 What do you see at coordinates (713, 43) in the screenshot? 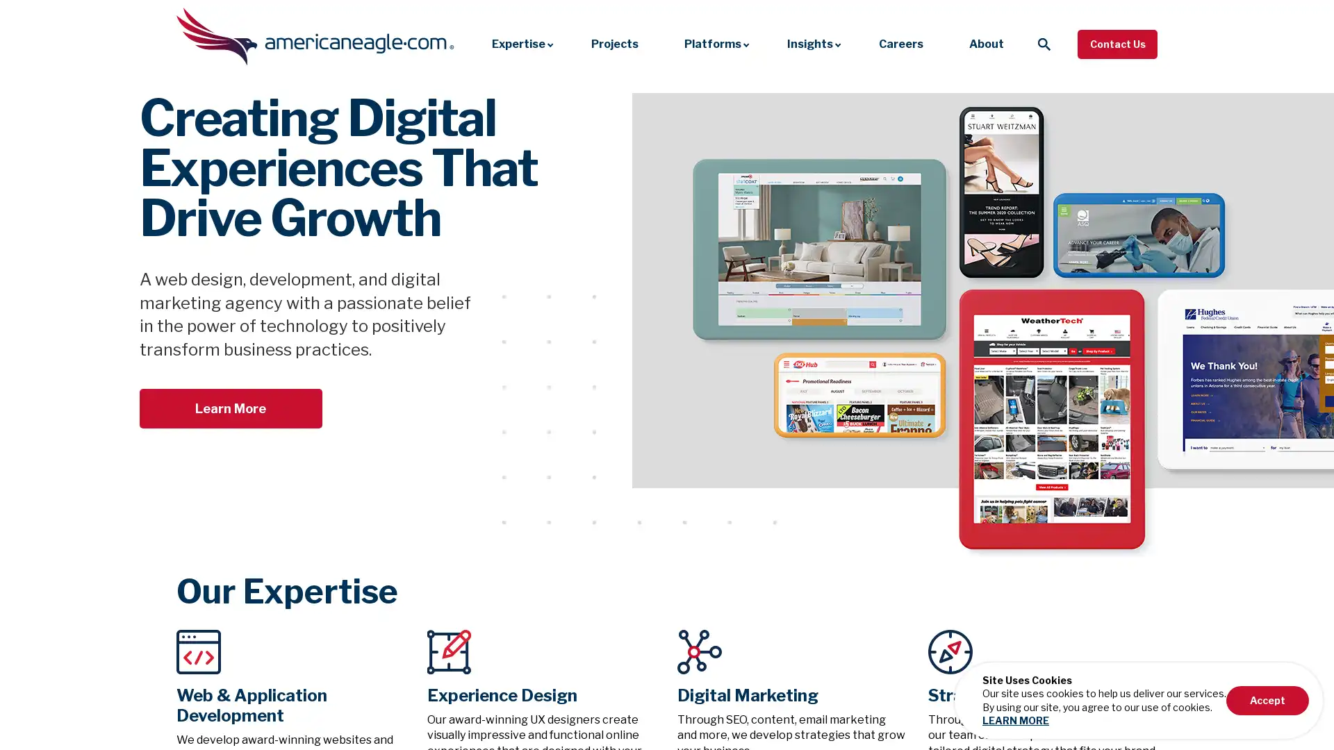
I see `Platforms` at bounding box center [713, 43].